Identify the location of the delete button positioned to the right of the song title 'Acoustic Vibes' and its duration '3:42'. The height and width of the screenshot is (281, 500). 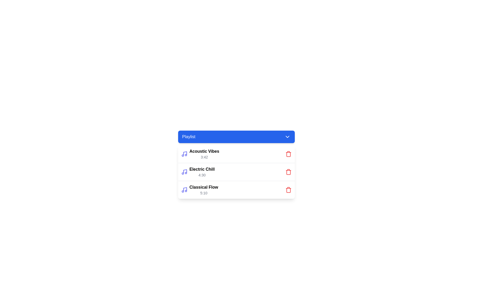
(288, 154).